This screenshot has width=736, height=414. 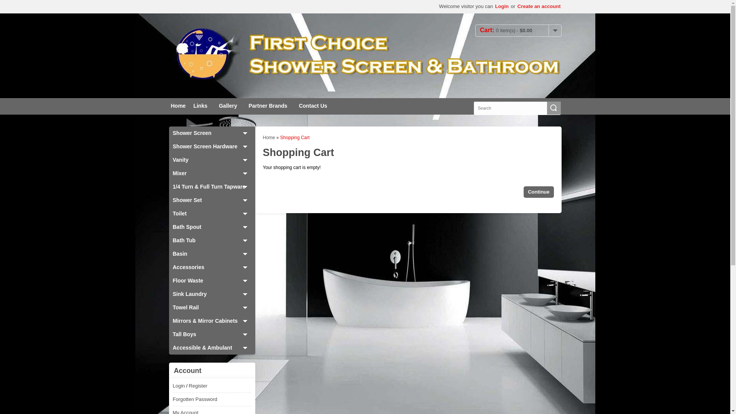 What do you see at coordinates (212, 173) in the screenshot?
I see `'Mixer'` at bounding box center [212, 173].